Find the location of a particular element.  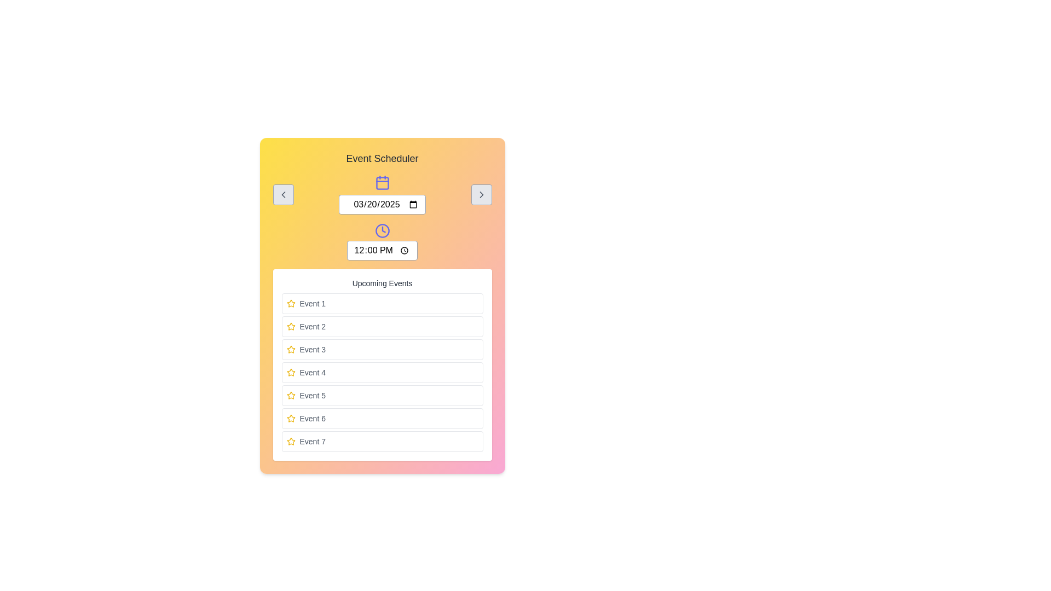

the star icon is located at coordinates (291, 418).